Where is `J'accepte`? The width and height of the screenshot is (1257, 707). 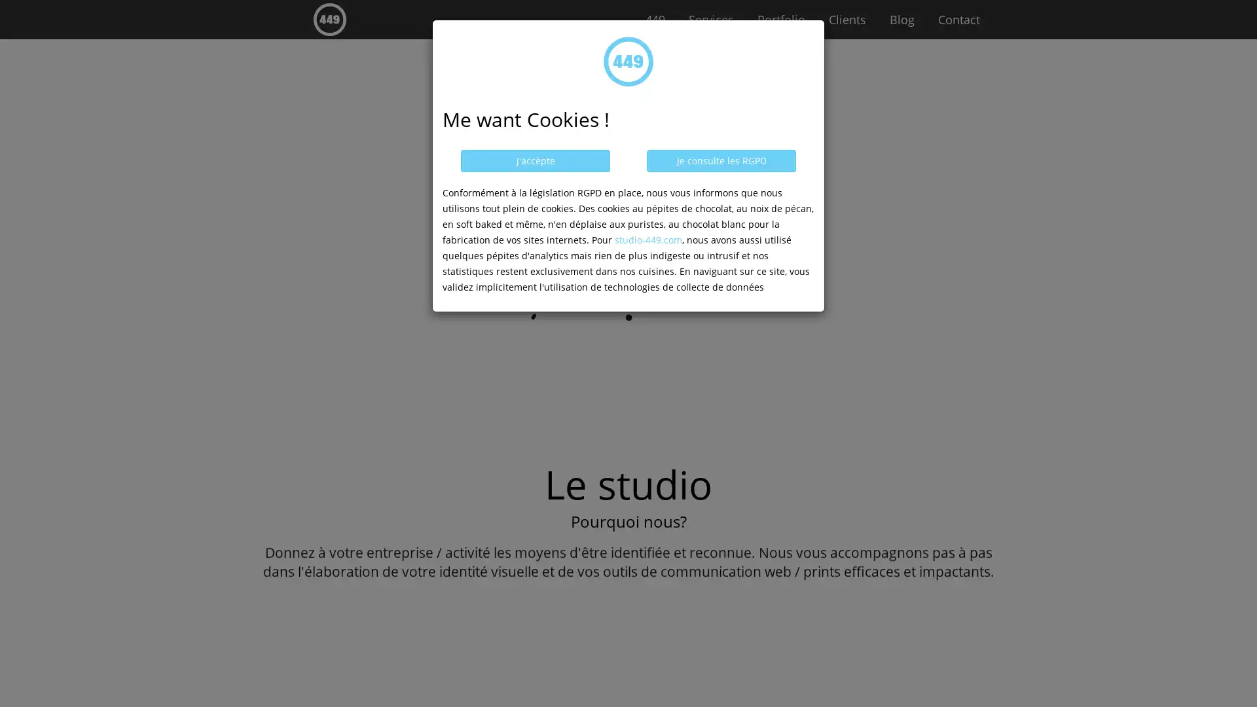 J'accepte is located at coordinates (535, 160).